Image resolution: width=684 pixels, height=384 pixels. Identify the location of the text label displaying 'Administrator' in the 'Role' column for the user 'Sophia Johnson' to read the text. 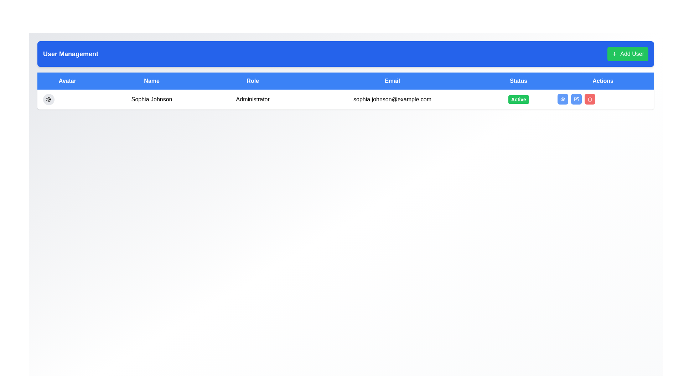
(253, 100).